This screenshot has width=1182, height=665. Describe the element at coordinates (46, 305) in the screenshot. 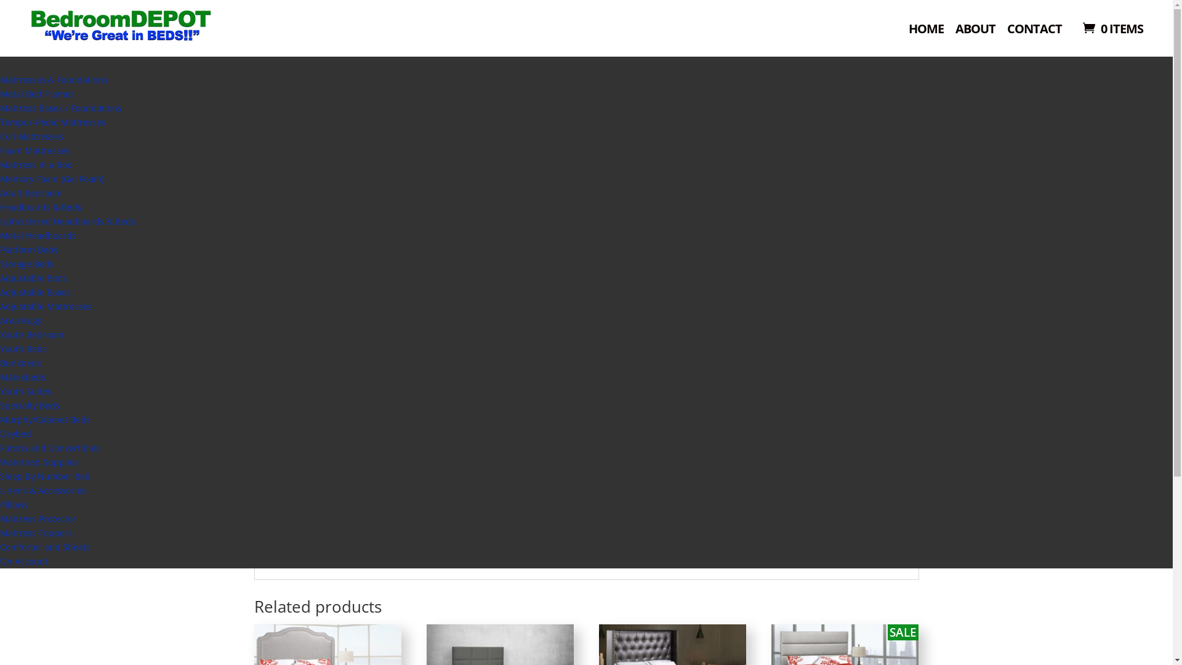

I see `'Adjustable Mattresses'` at that location.